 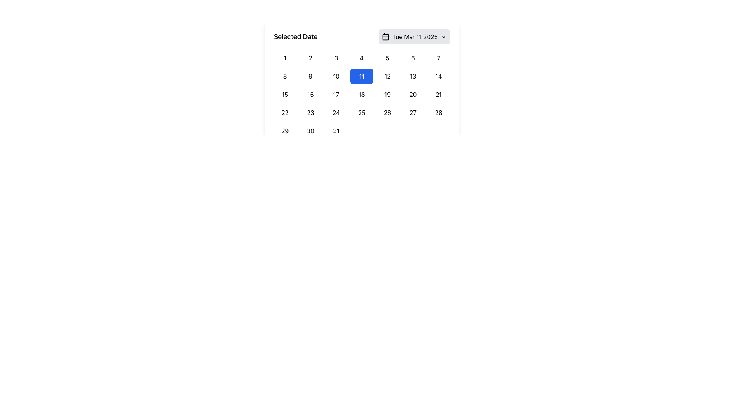 What do you see at coordinates (387, 58) in the screenshot?
I see `the fifth box in the top row of the calendar grid` at bounding box center [387, 58].